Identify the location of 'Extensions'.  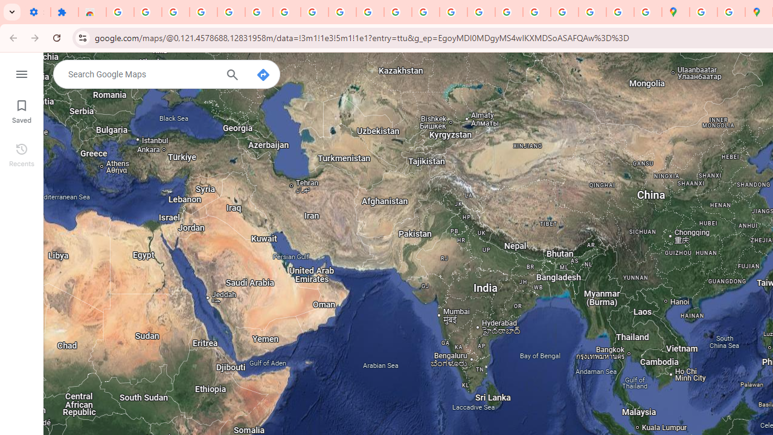
(64, 12).